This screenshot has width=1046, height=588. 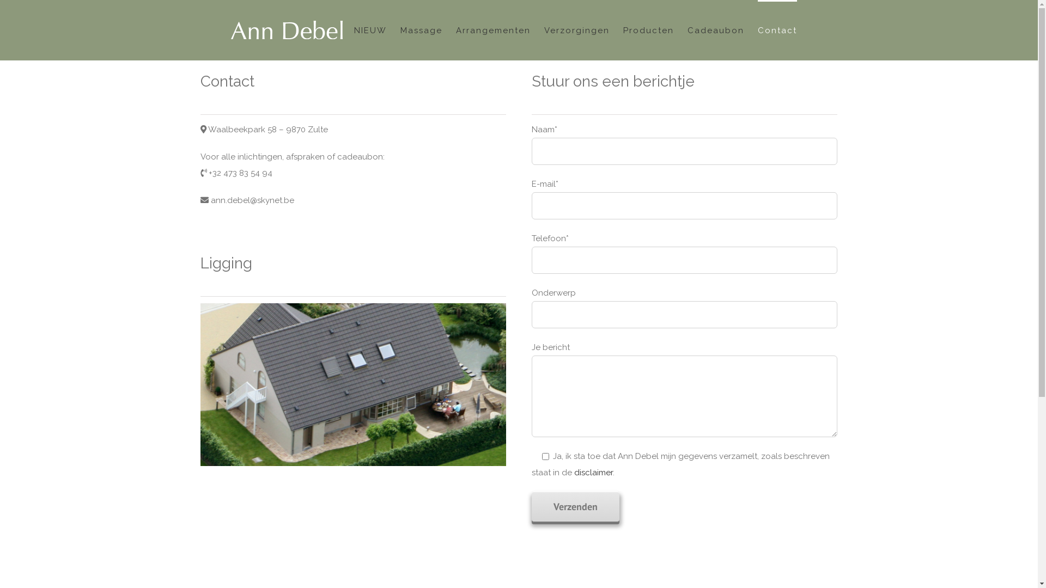 What do you see at coordinates (399, 29) in the screenshot?
I see `'Massage'` at bounding box center [399, 29].